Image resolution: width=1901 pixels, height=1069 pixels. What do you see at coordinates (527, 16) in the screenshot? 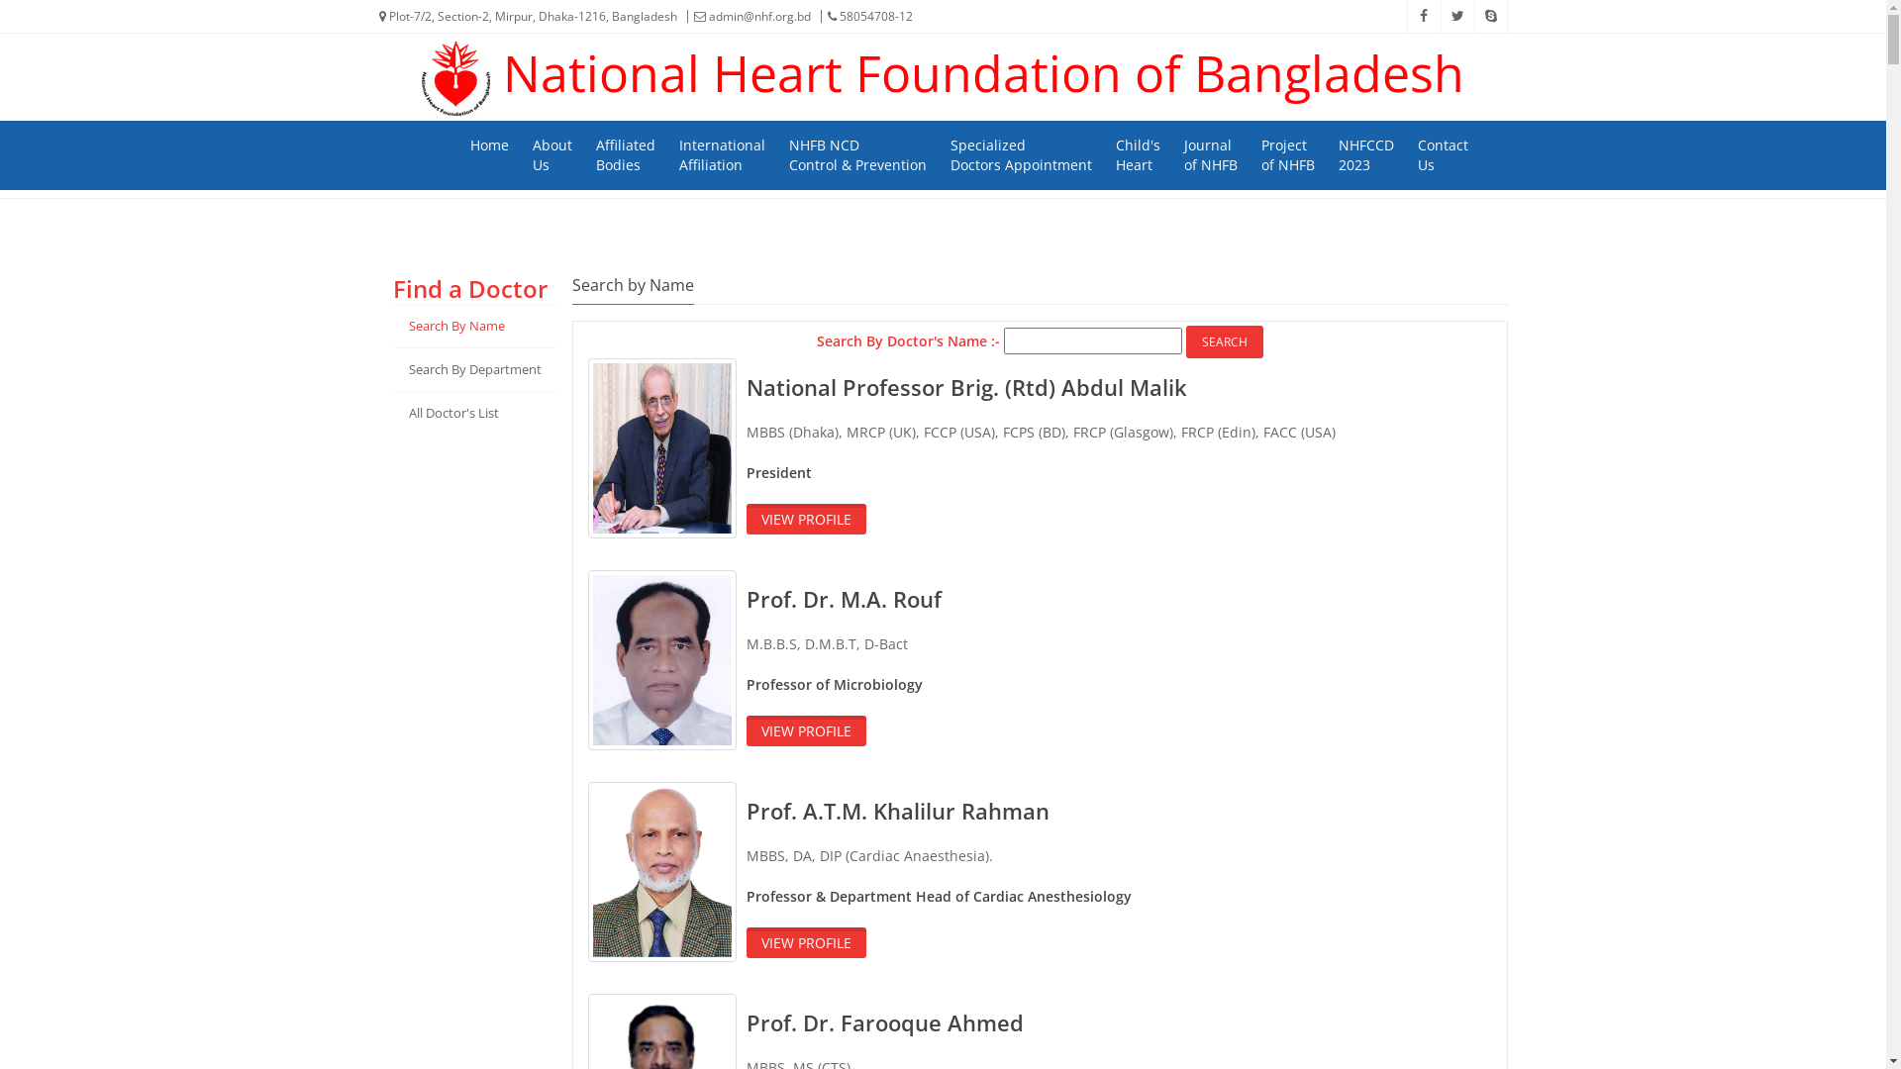
I see `'Plot-7/2, Section-2, Mirpur, Dhaka-1216, Bangladesh'` at bounding box center [527, 16].